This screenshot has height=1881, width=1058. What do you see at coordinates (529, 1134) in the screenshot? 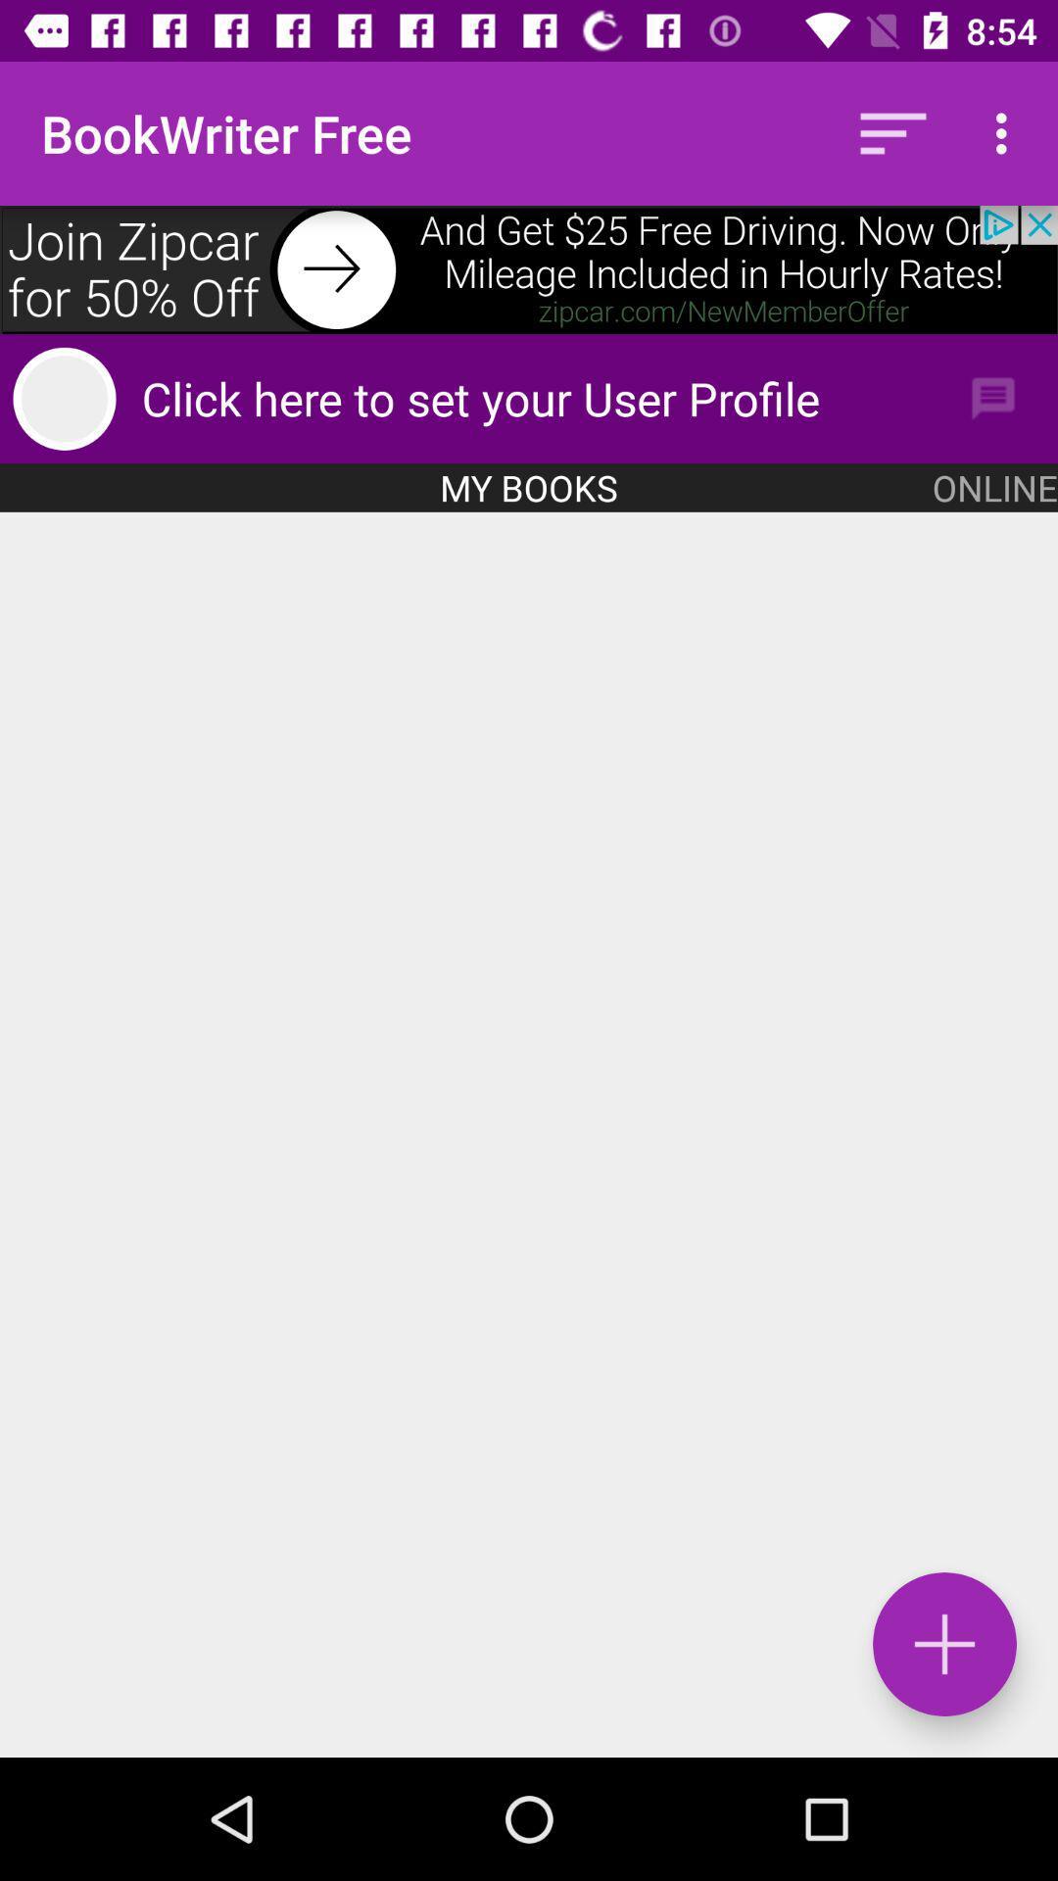
I see `new book` at bounding box center [529, 1134].